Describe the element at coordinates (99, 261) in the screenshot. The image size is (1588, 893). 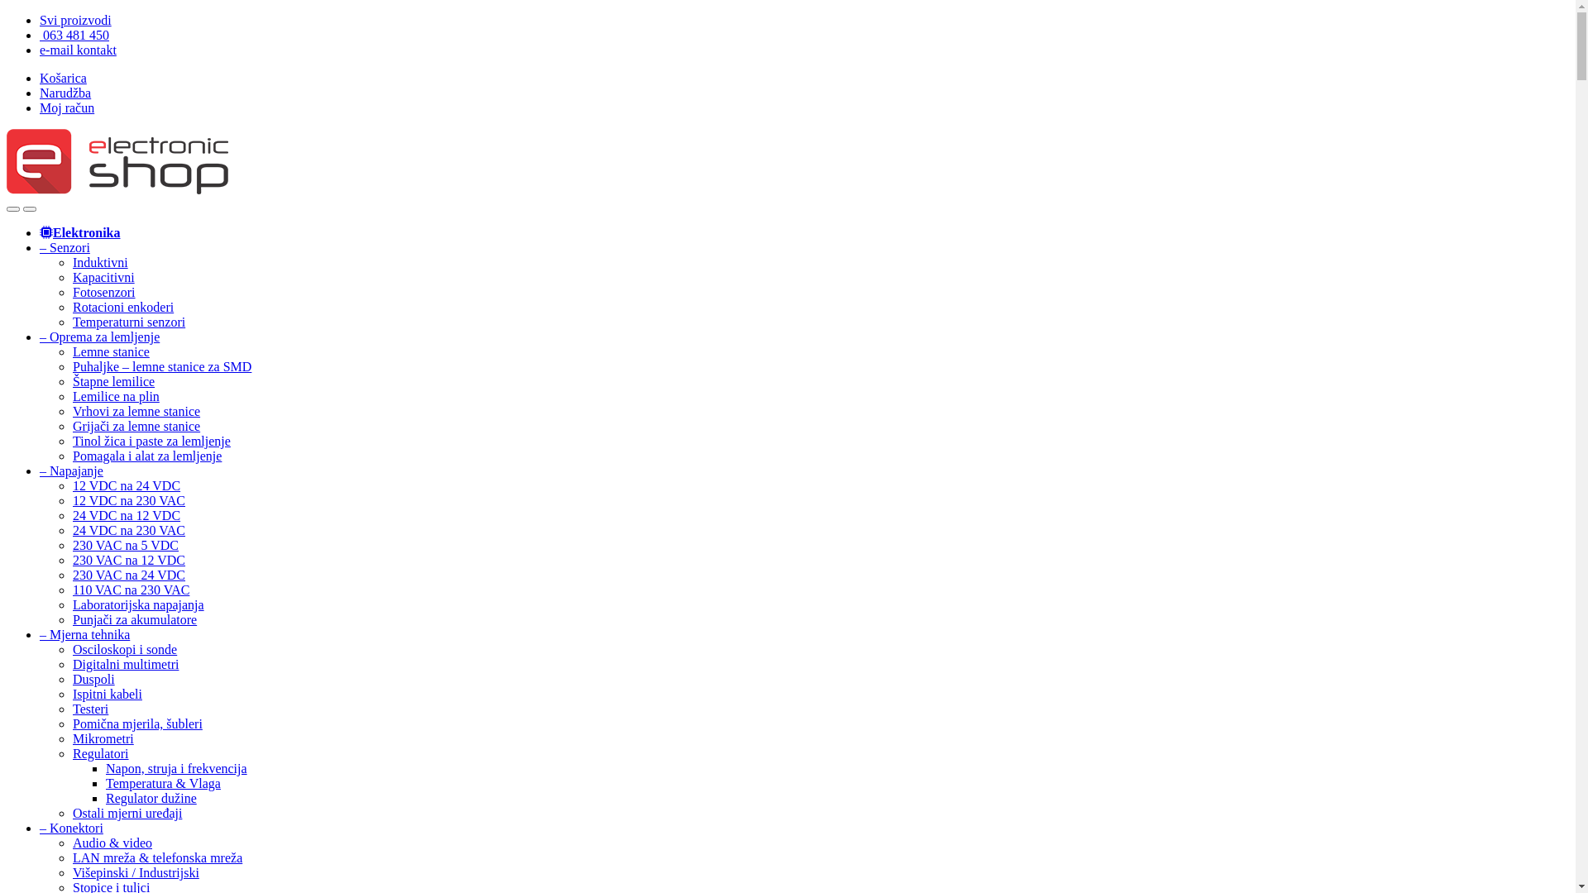
I see `'Induktivni'` at that location.